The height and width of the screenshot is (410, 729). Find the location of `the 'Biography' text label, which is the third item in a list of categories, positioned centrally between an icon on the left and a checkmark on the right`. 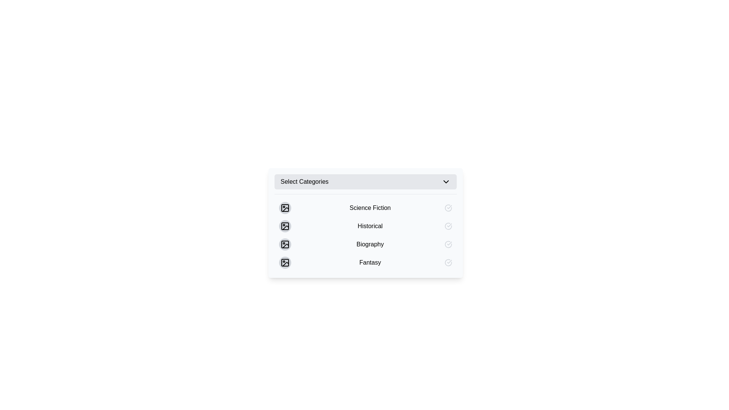

the 'Biography' text label, which is the third item in a list of categories, positioned centrally between an icon on the left and a checkmark on the right is located at coordinates (370, 244).